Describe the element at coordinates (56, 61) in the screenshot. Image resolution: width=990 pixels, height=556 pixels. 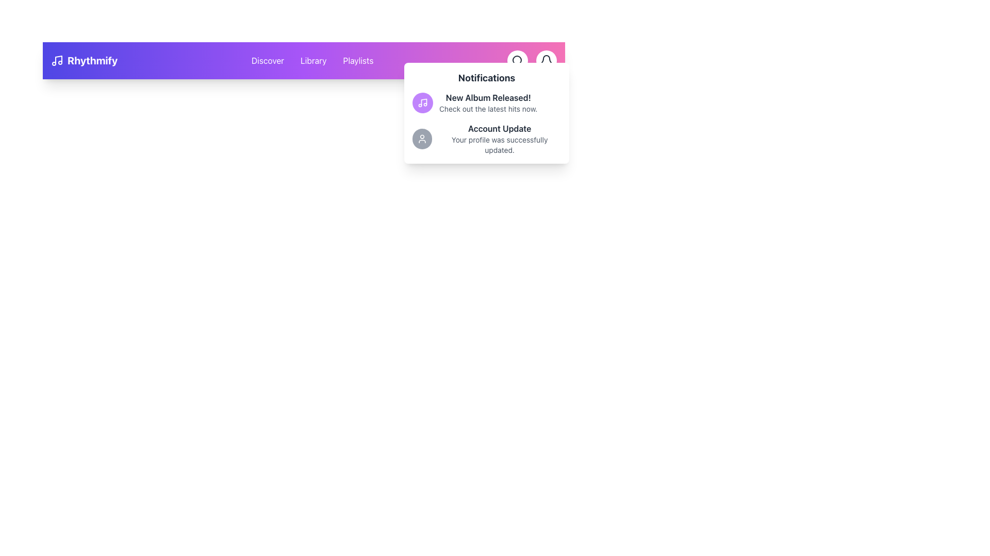
I see `the 'Rhythmify' application icon located in the header section, positioned left of the text 'Rhythmify'` at that location.